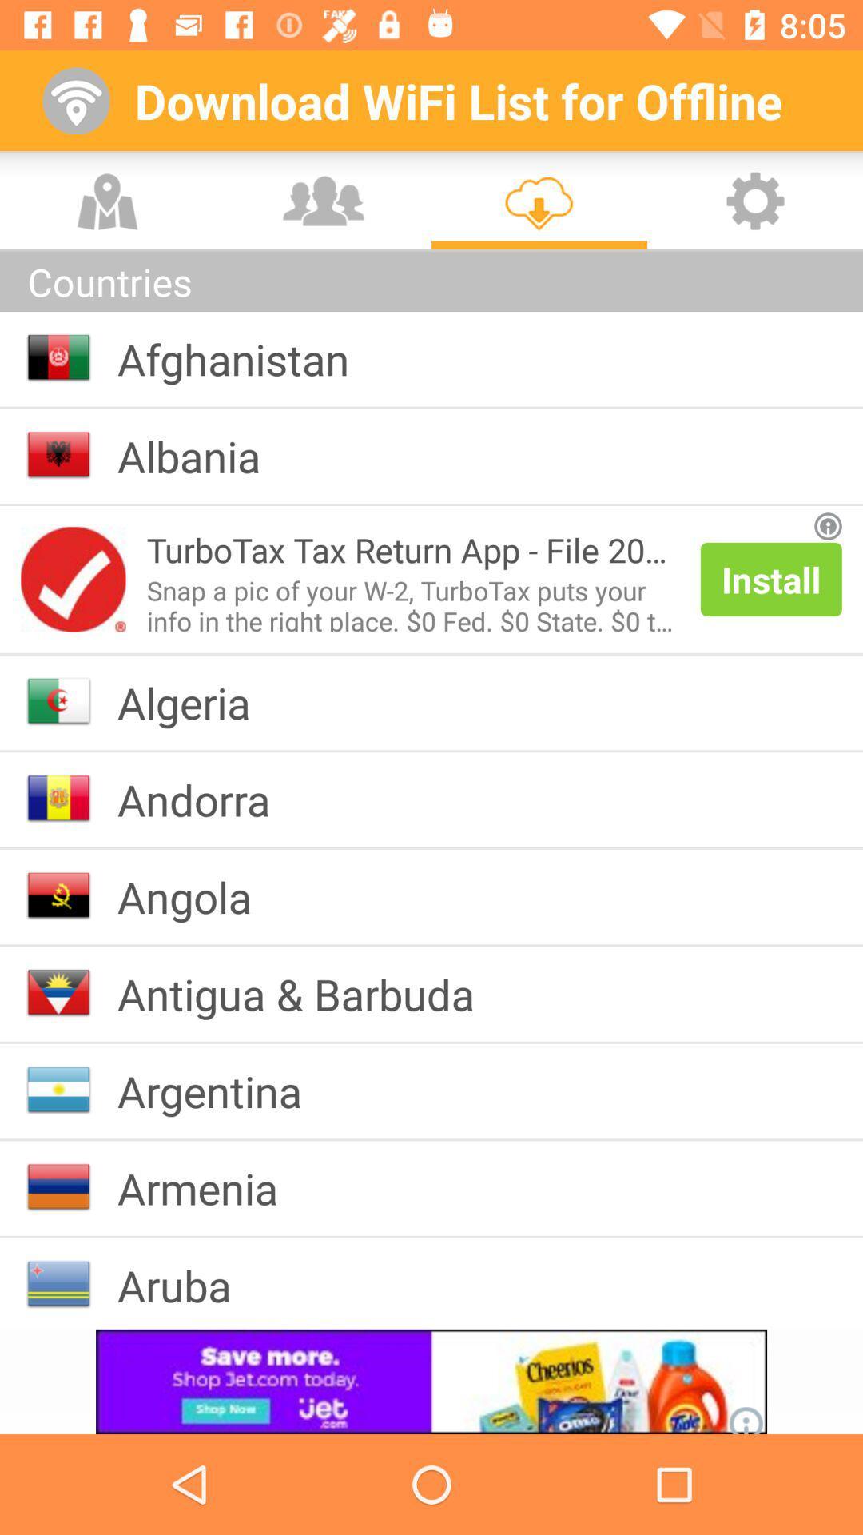 The width and height of the screenshot is (863, 1535). What do you see at coordinates (412, 601) in the screenshot?
I see `item to the left of the install button` at bounding box center [412, 601].